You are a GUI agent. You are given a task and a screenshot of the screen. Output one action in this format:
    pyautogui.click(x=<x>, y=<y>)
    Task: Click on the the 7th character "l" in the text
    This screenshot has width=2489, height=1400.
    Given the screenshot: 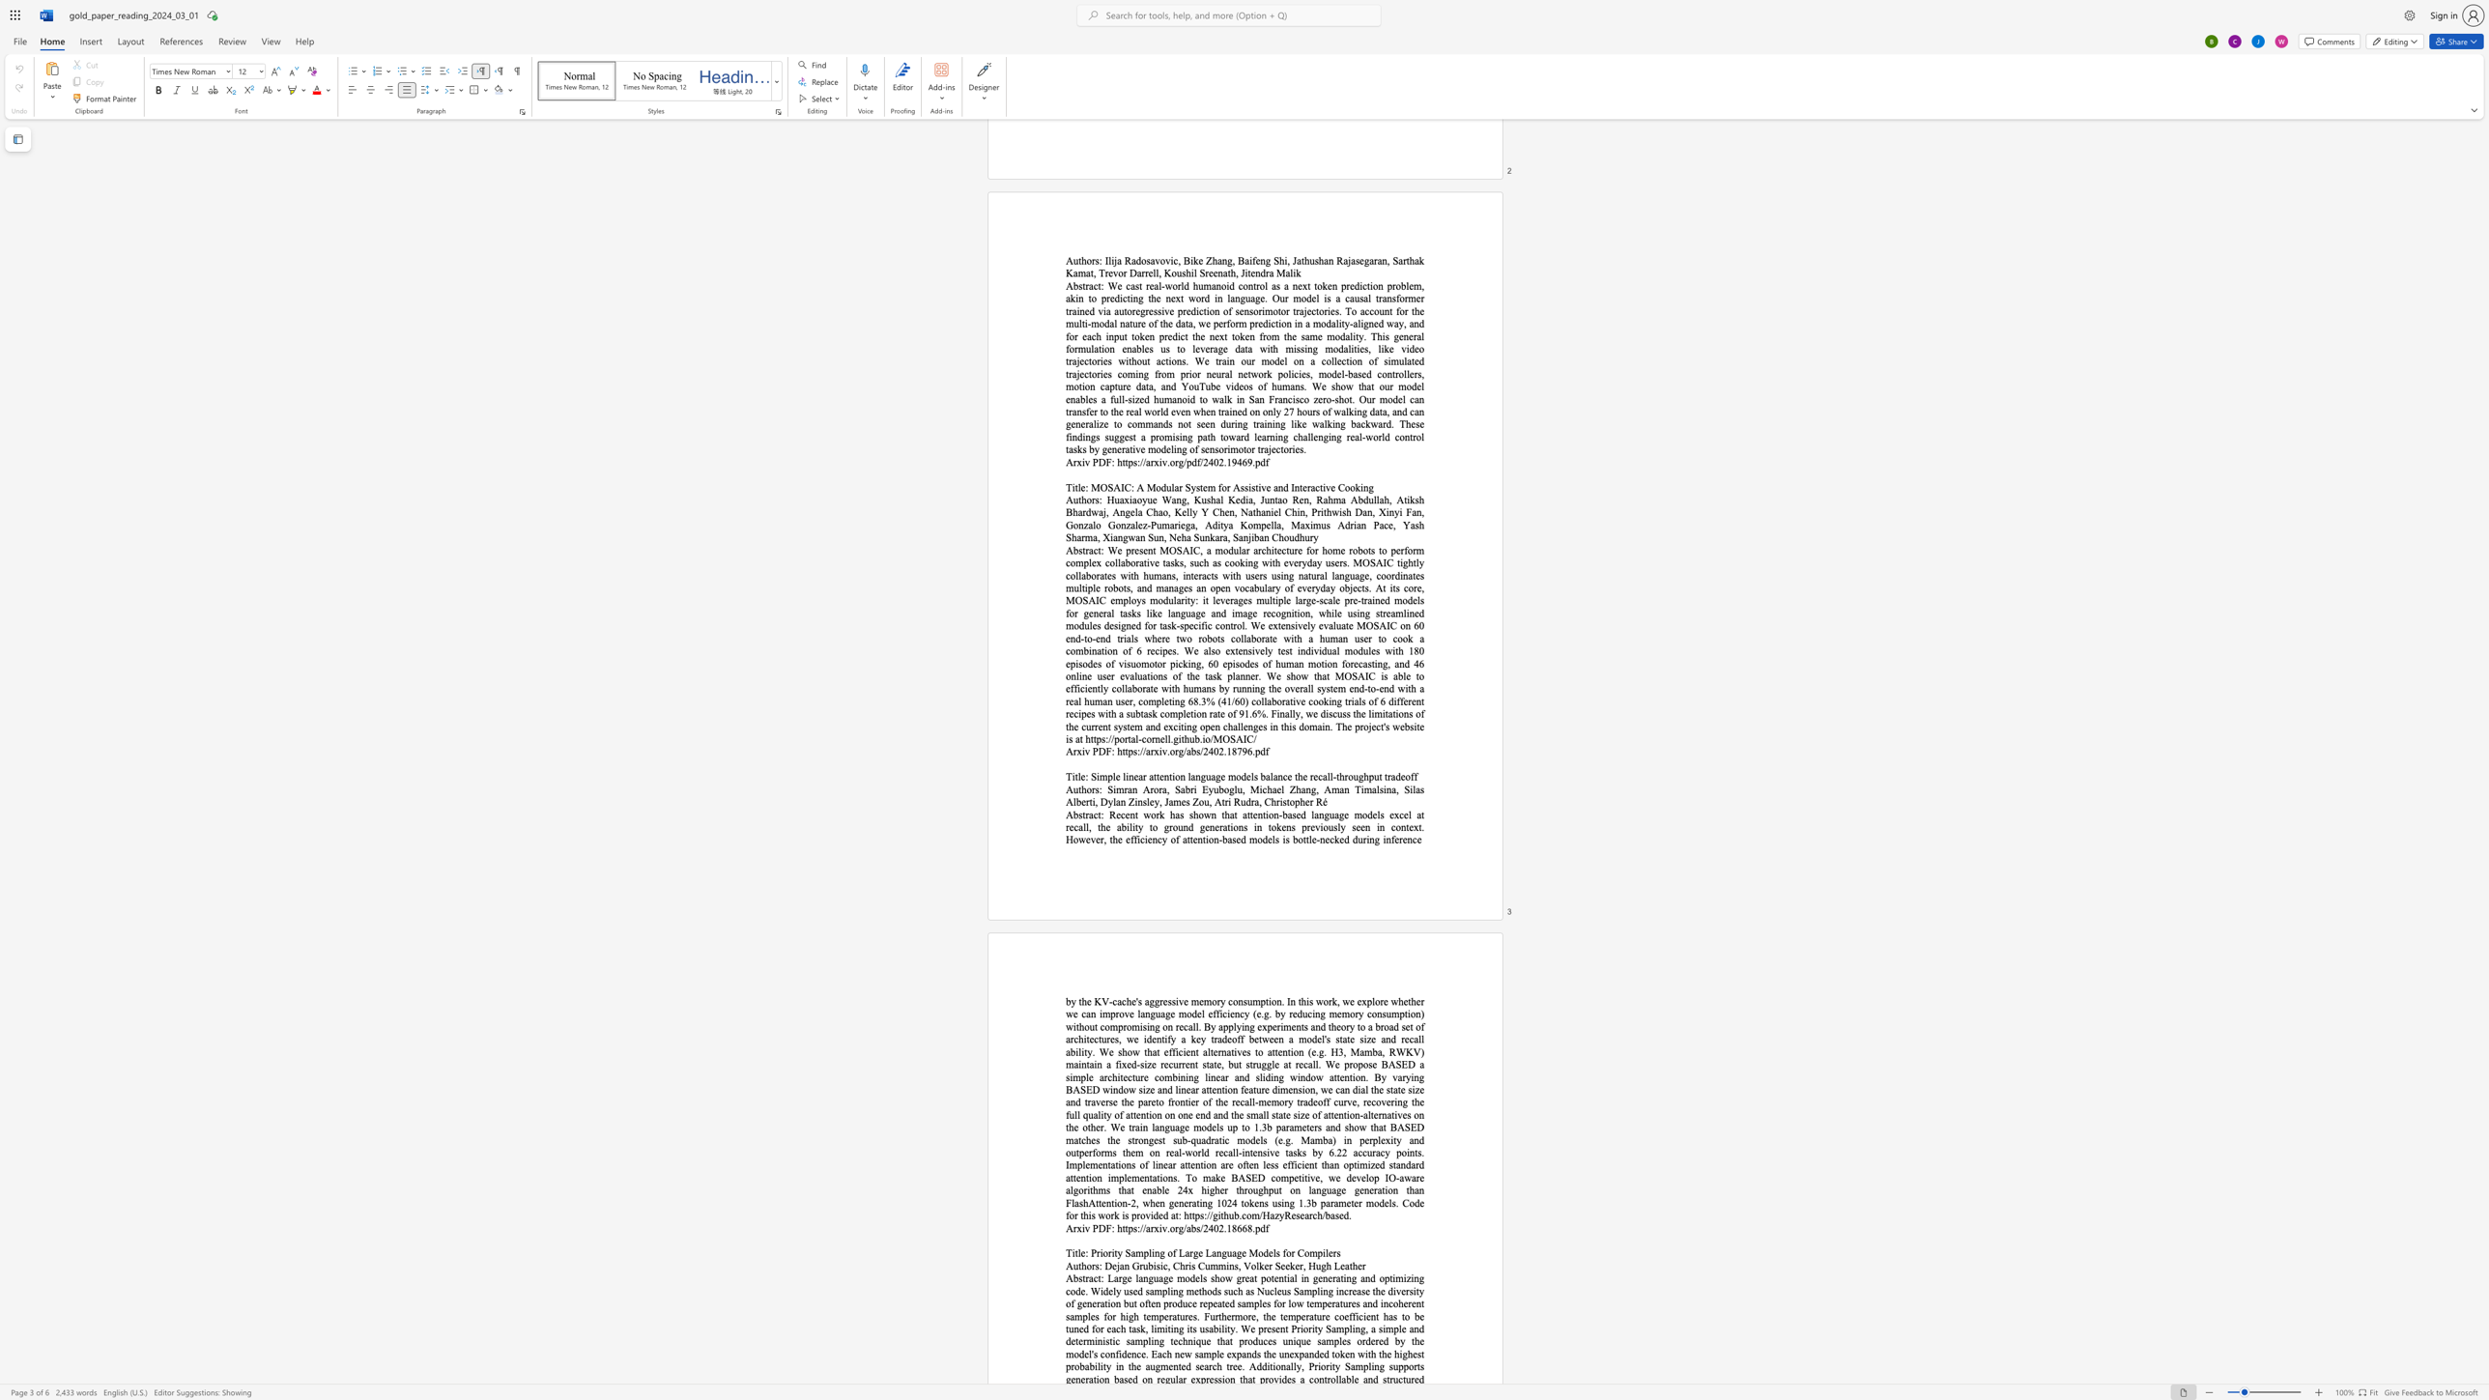 What is the action you would take?
    pyautogui.click(x=1148, y=801)
    